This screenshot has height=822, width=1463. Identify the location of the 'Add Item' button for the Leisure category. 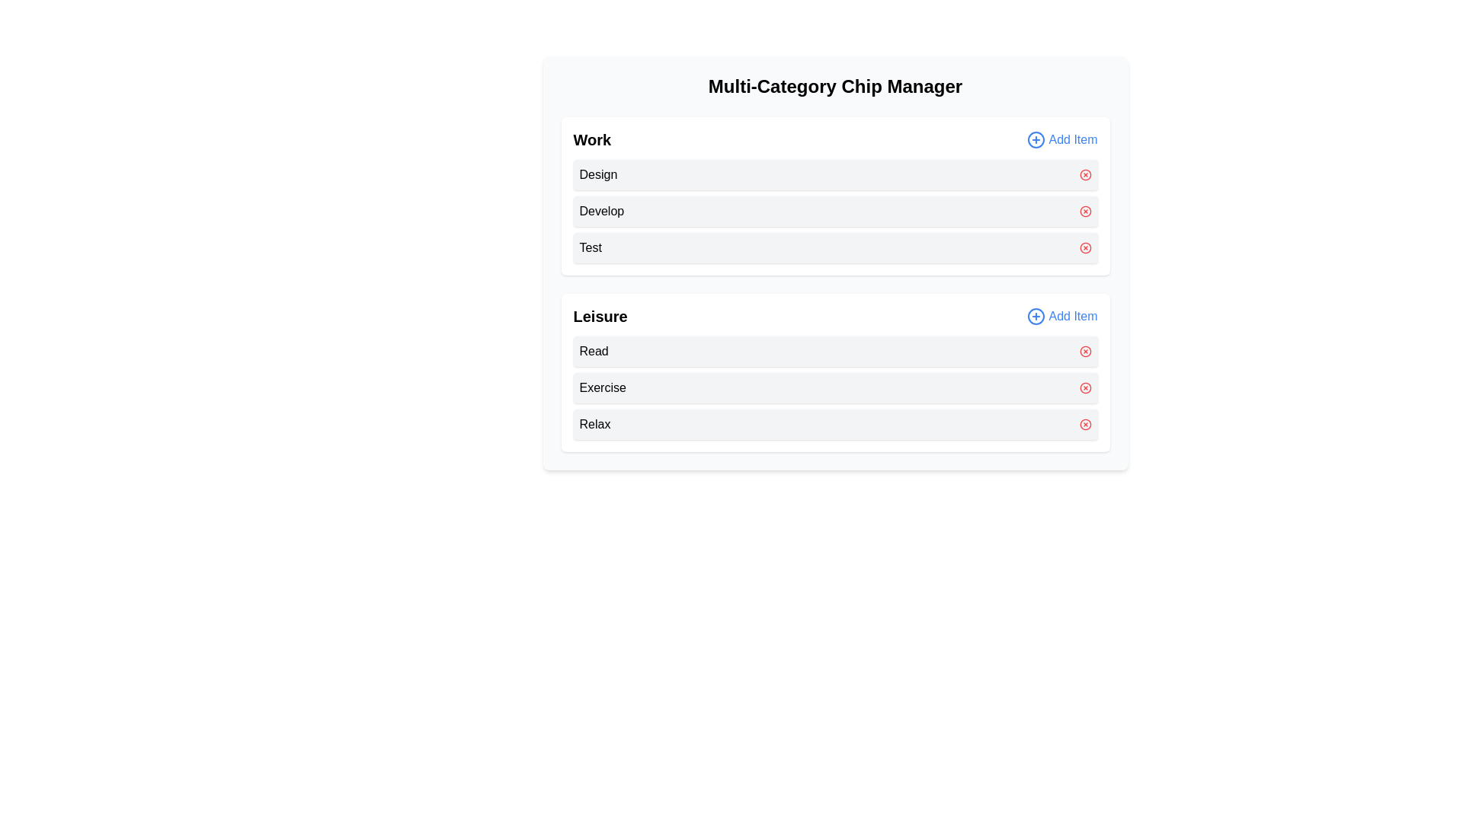
(1061, 316).